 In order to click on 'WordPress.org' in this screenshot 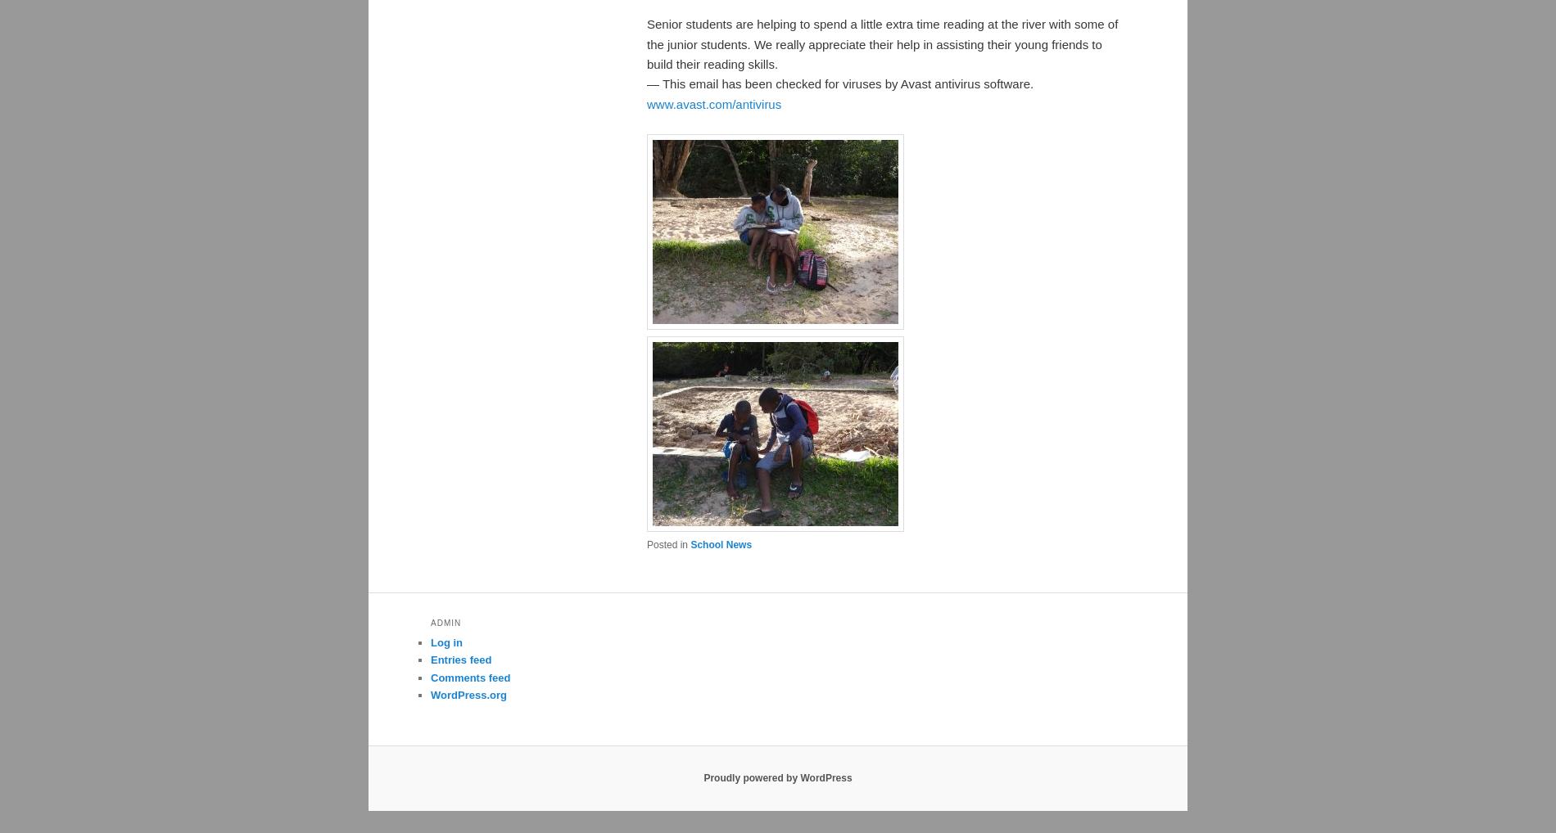, I will do `click(468, 693)`.